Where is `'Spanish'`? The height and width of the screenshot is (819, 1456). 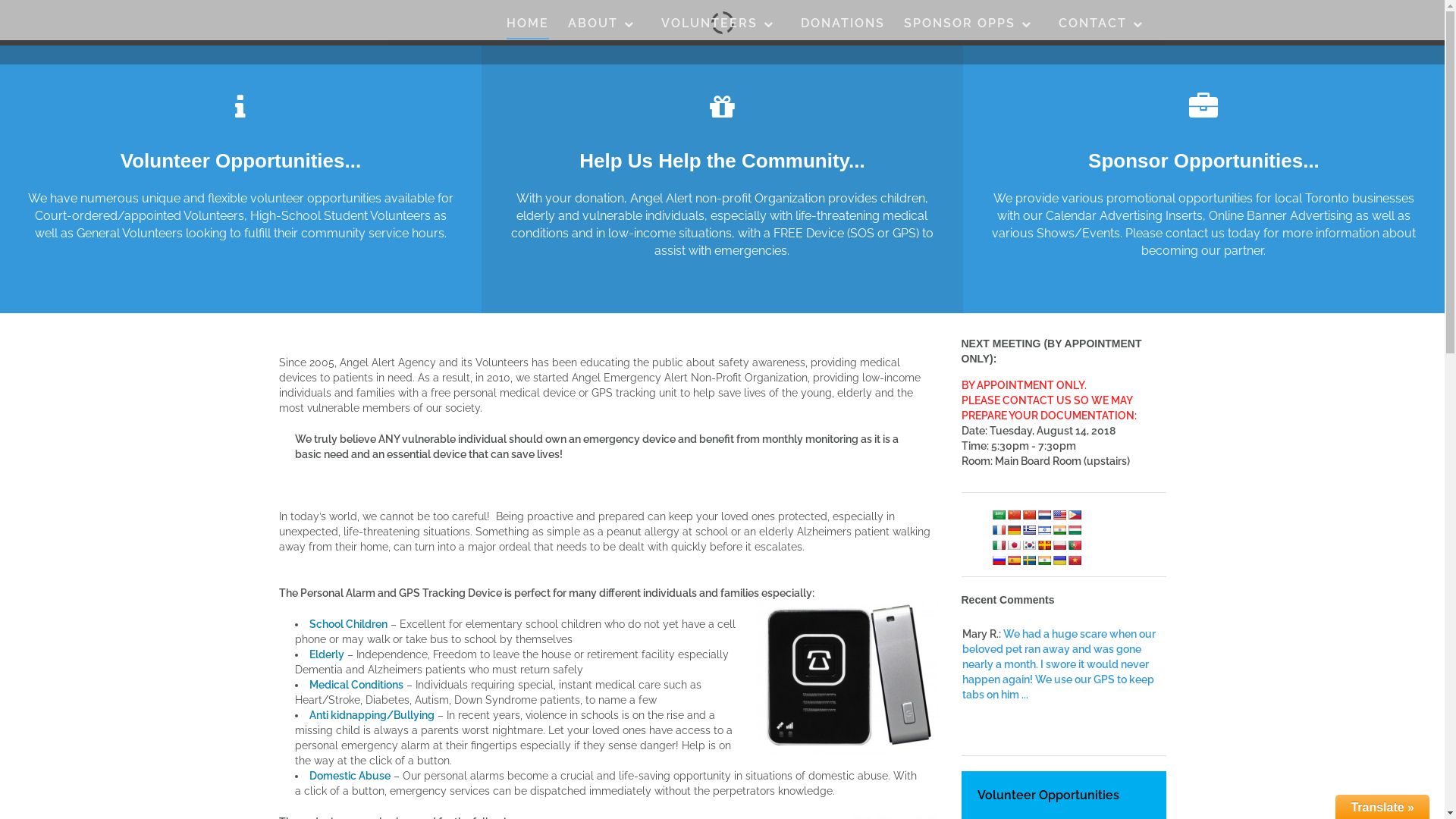 'Spanish' is located at coordinates (1014, 559).